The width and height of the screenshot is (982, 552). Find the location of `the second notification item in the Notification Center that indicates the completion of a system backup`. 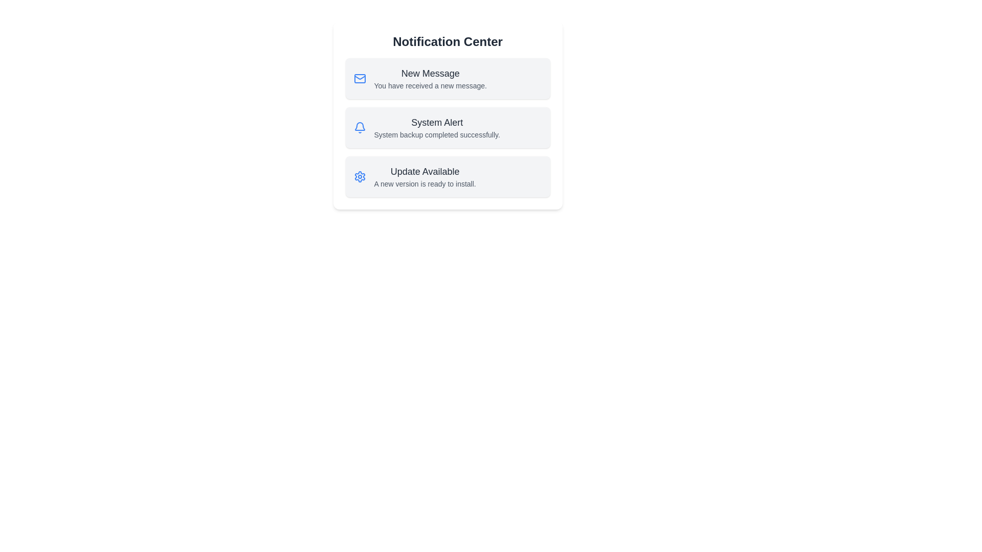

the second notification item in the Notification Center that indicates the completion of a system backup is located at coordinates (437, 127).